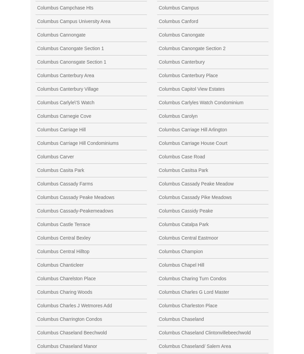 The image size is (304, 354). I want to click on 'Columbus Carlyles Watch Condominium', so click(201, 102).